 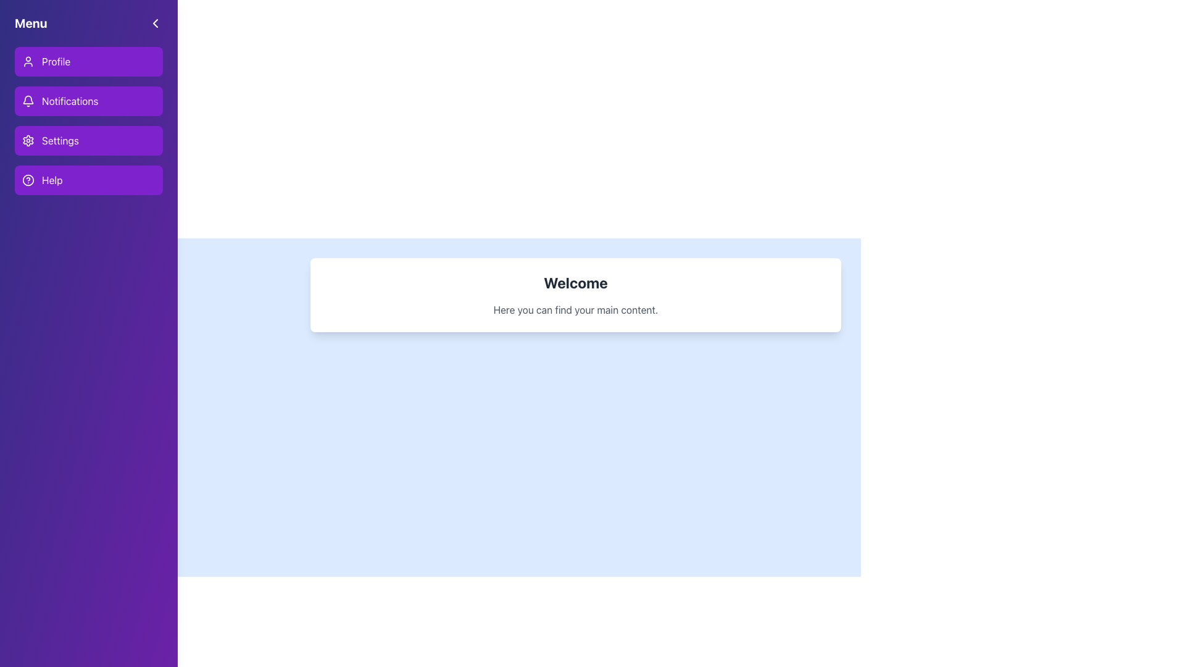 What do you see at coordinates (31, 23) in the screenshot?
I see `the static header text element located at the top-left section of the vertical navigation panel` at bounding box center [31, 23].